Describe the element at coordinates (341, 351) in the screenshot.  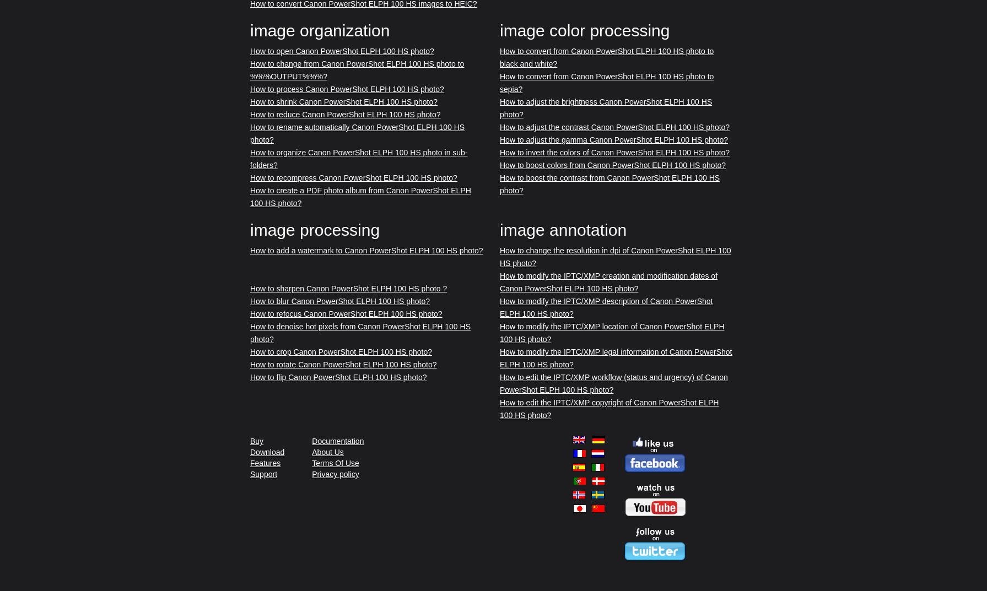
I see `'How to crop  Canon PowerShot ELPH 100 HS photo?'` at that location.